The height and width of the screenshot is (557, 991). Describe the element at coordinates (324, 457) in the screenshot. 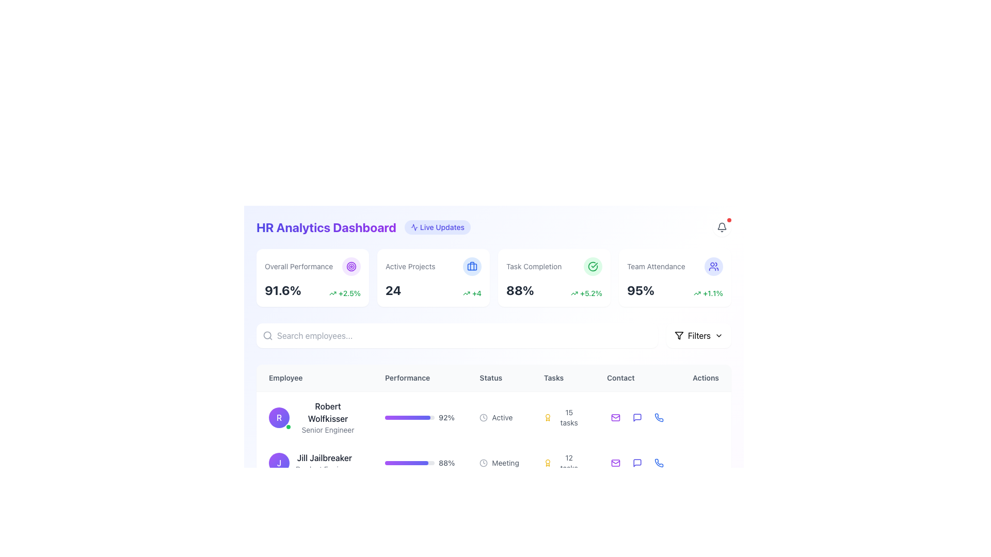

I see `the text label displaying the employee's name in the second entry of the 'Employee' column, located below Robert Wolfkisser` at that location.